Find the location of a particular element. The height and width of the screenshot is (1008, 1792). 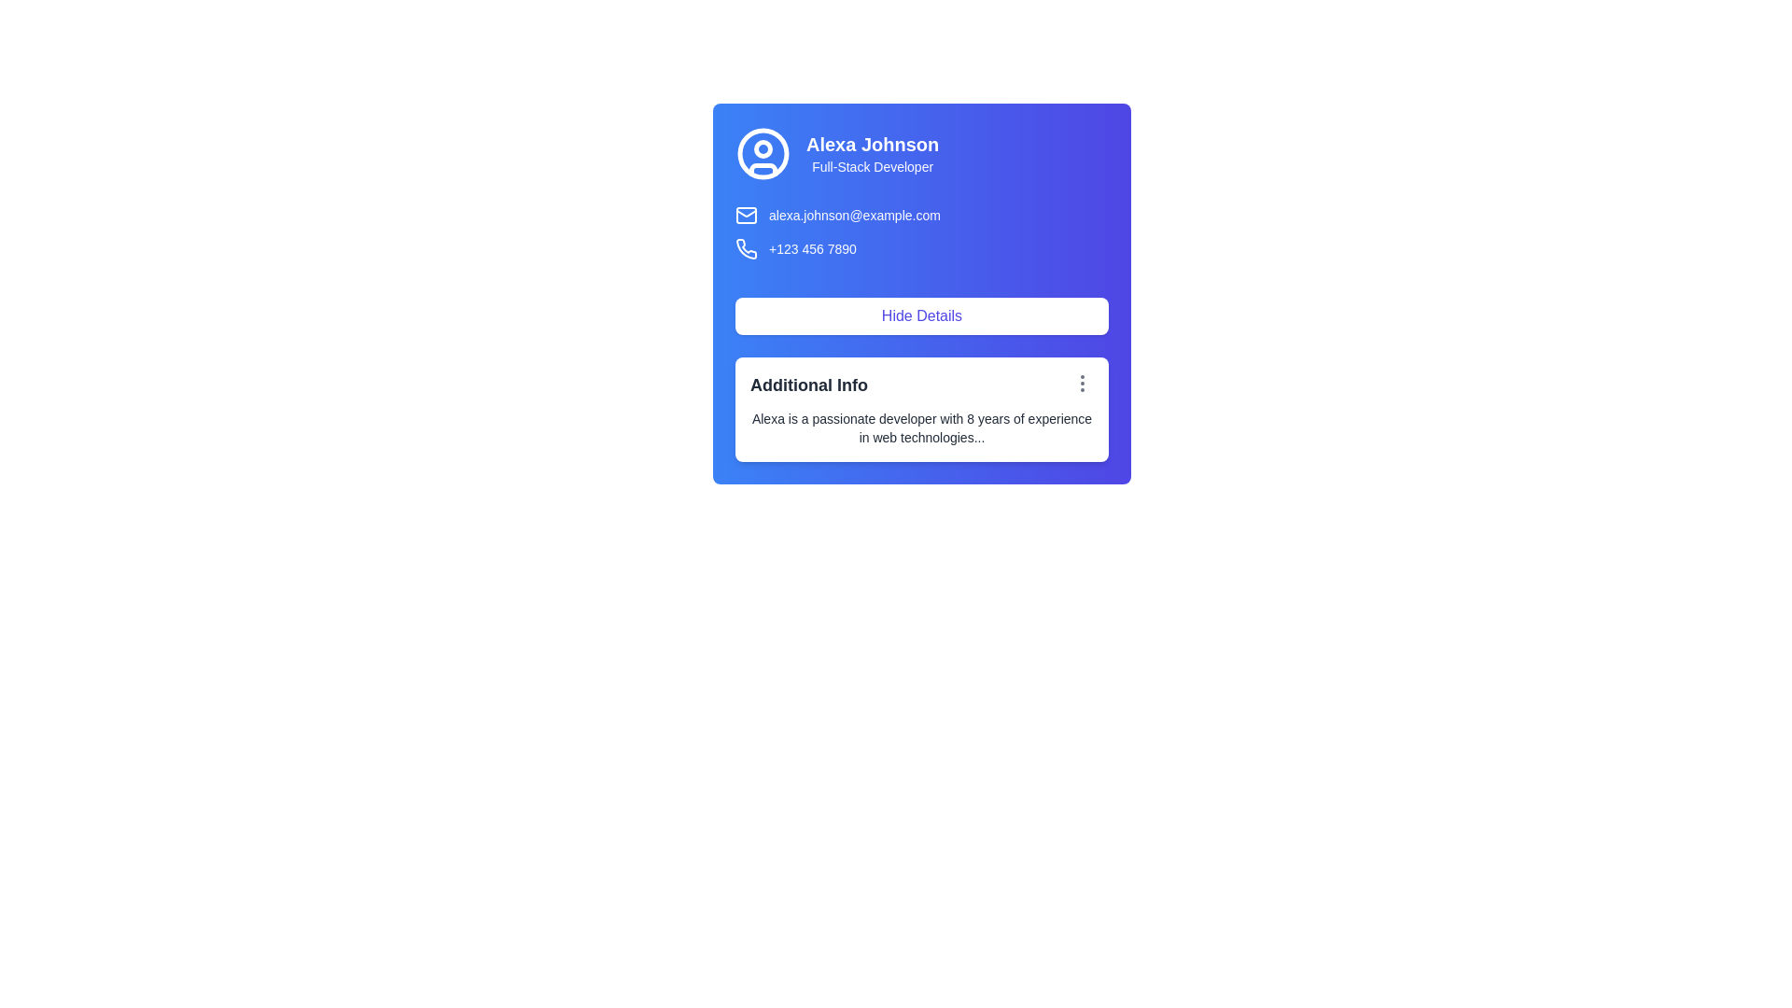

the static text label displaying the email address 'alexa.johnson@example.com', which is styled with white text on a blue background, located is located at coordinates (854, 215).